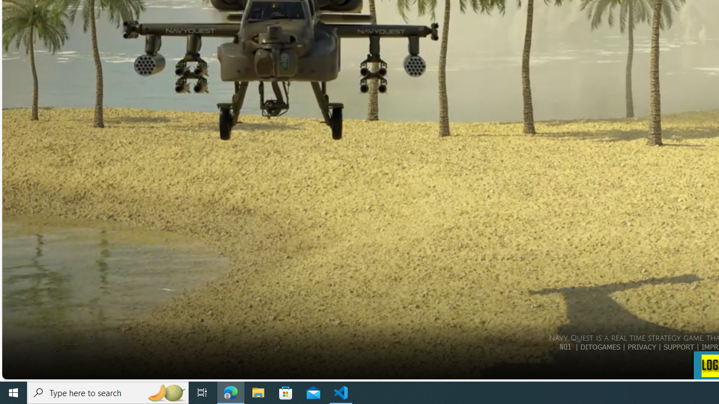 Image resolution: width=719 pixels, height=404 pixels. I want to click on 'SUPPORT', so click(678, 346).